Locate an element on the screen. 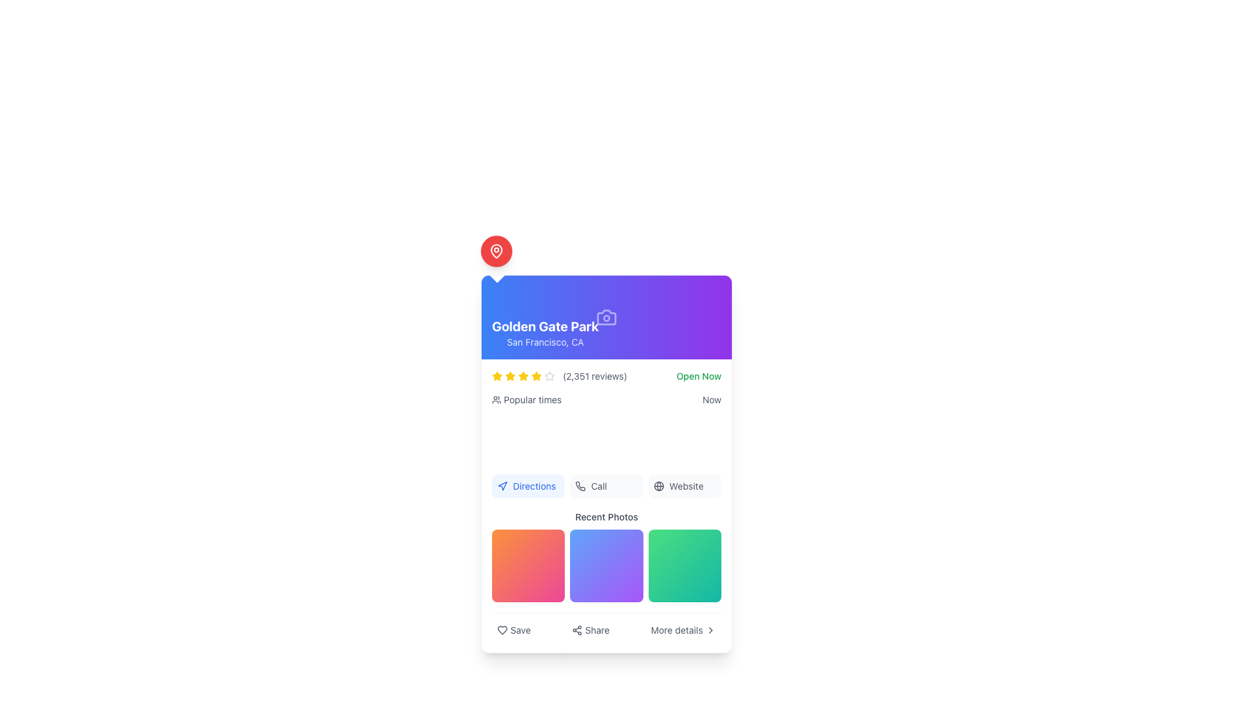 The image size is (1258, 707). label indicating the function of the associated button, which is to initiate a telephone call when clicked, positioned centrally within the rounded button at the bottom section of the card is located at coordinates (598, 486).